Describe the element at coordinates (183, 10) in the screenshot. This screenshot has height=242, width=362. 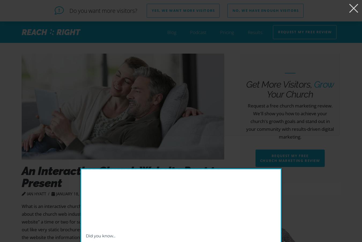
I see `'Yes, we want more visitors'` at that location.